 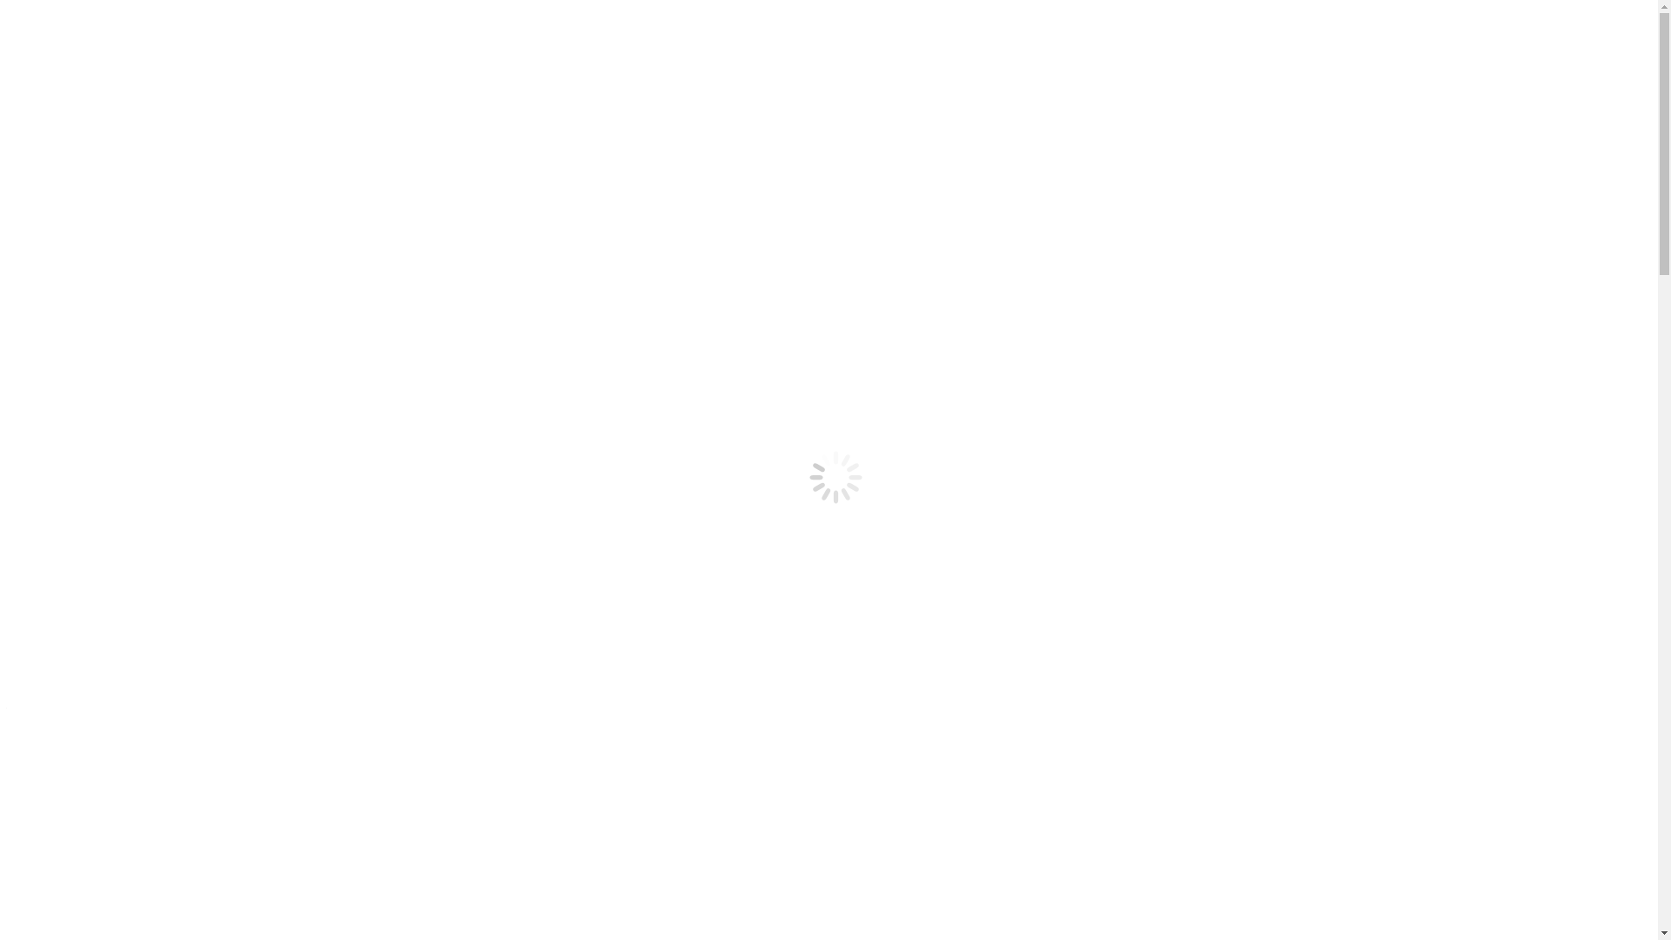 What do you see at coordinates (42, 266) in the screenshot?
I see `'Home'` at bounding box center [42, 266].